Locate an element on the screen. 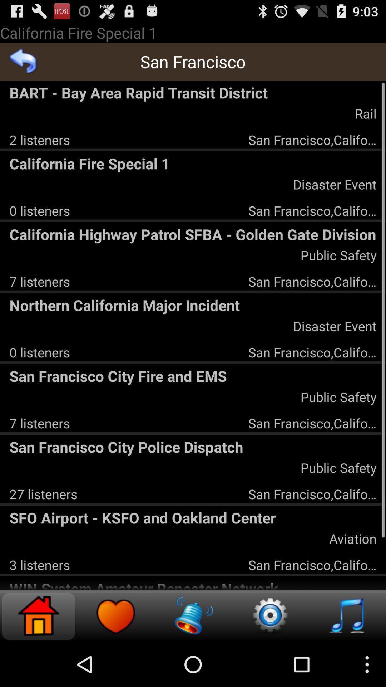 Image resolution: width=386 pixels, height=687 pixels. the aviation item is located at coordinates (352, 539).